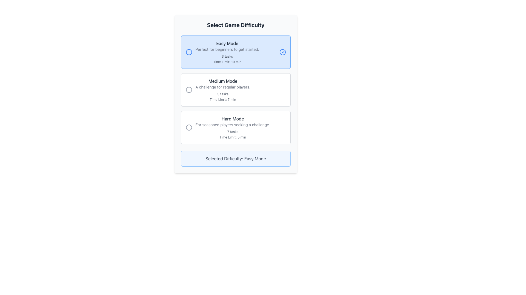 Image resolution: width=526 pixels, height=295 pixels. I want to click on the 'Medium Mode' card, which is the second card in a vertical list of three game difficulty options, so click(236, 89).